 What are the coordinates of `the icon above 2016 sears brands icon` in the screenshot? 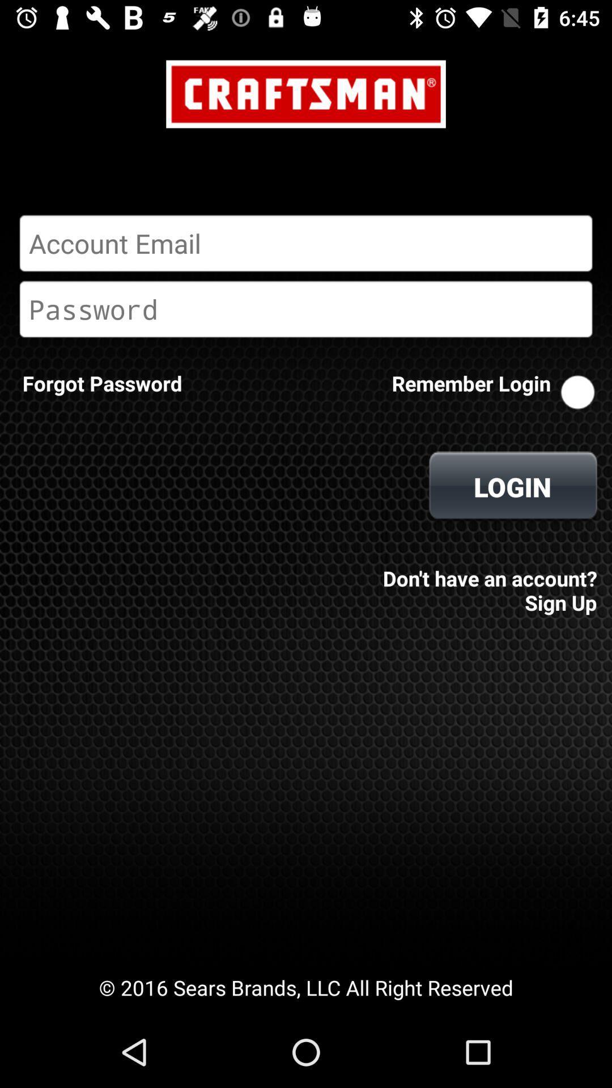 It's located at (102, 383).